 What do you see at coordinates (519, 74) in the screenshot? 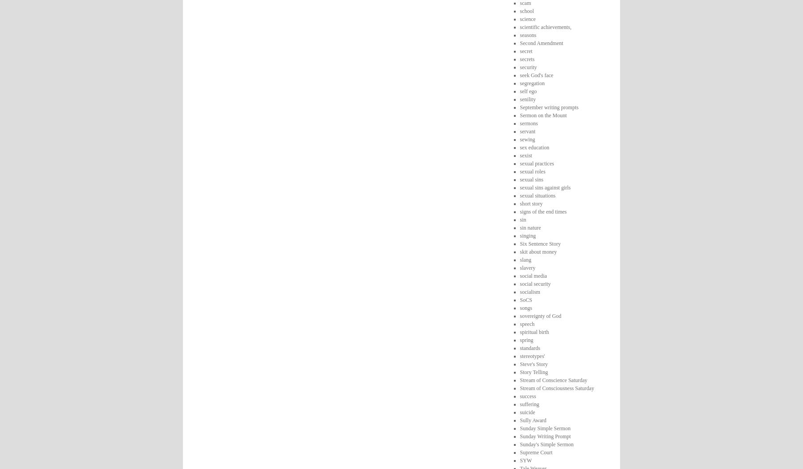
I see `'seek God's face'` at bounding box center [519, 74].